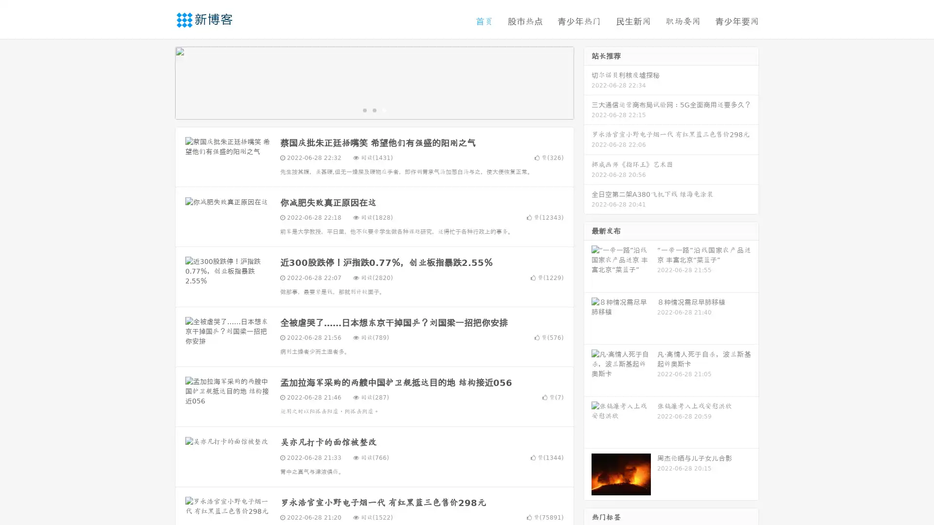  What do you see at coordinates (364, 109) in the screenshot?
I see `Go to slide 1` at bounding box center [364, 109].